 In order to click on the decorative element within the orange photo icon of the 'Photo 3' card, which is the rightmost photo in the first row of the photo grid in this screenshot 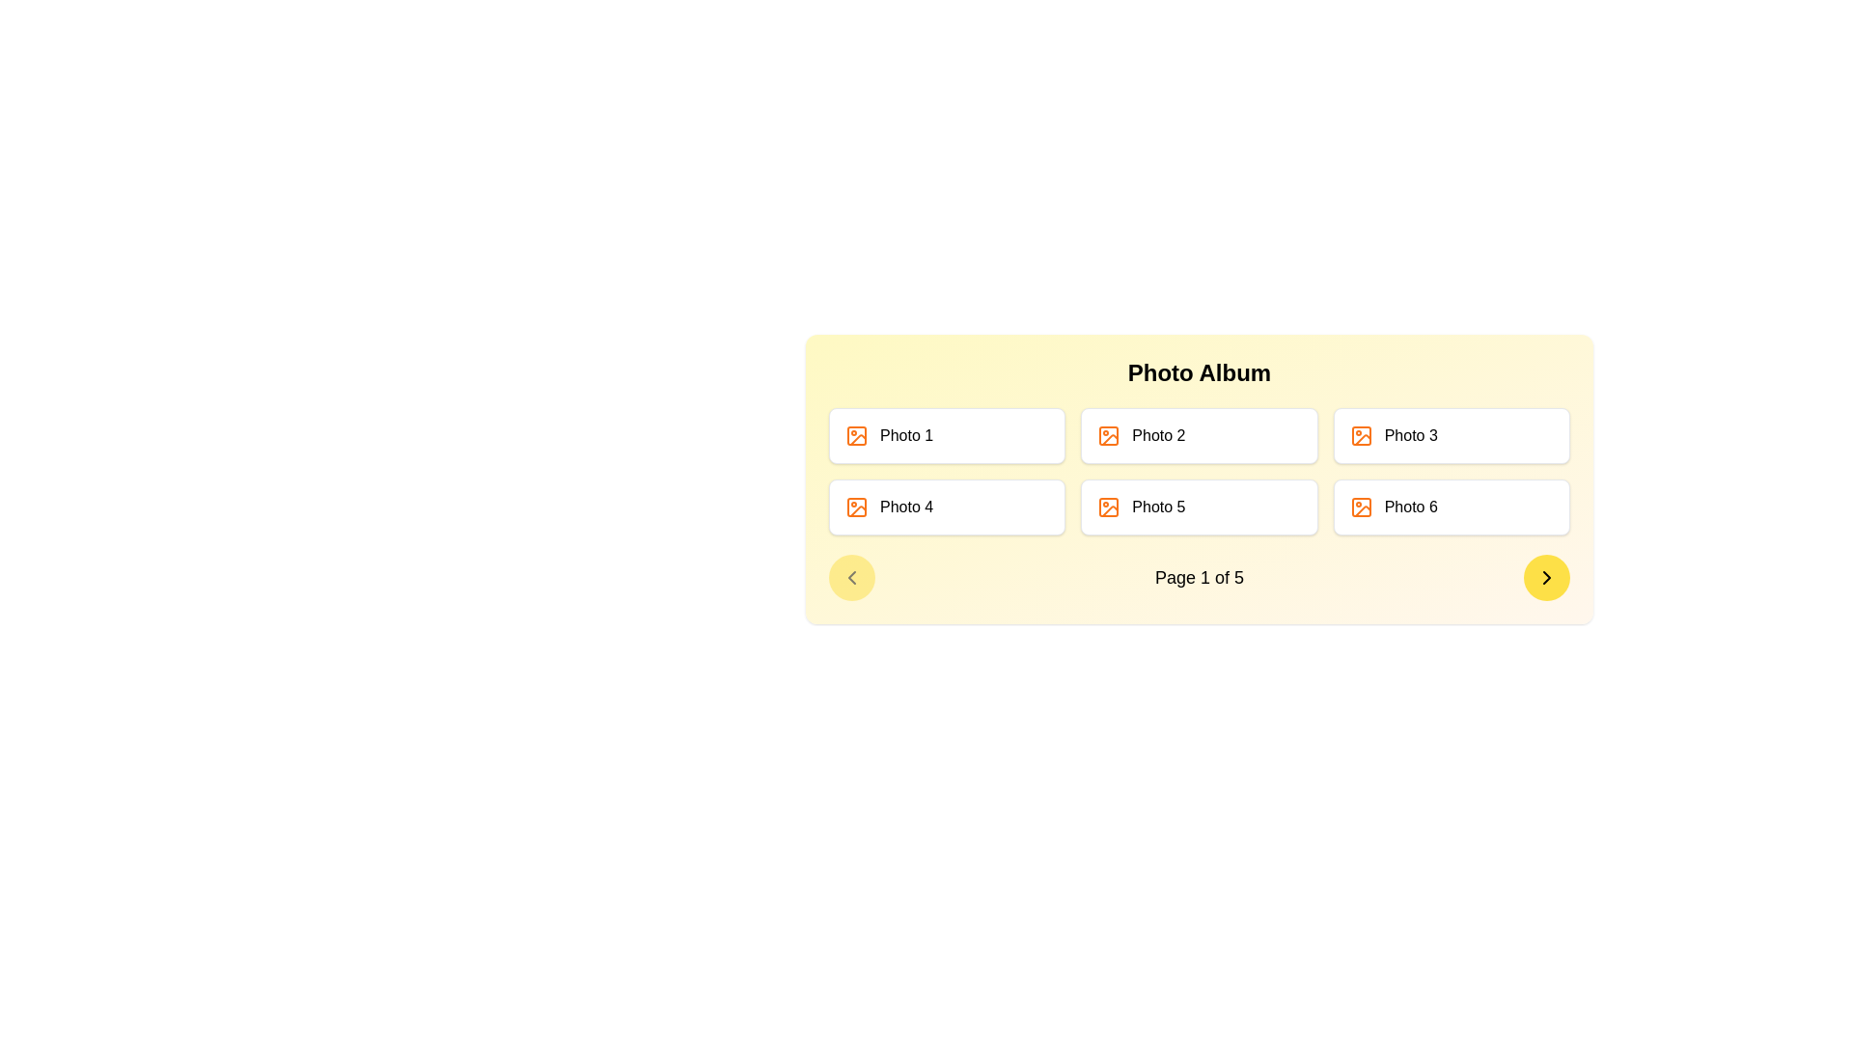, I will do `click(1360, 435)`.